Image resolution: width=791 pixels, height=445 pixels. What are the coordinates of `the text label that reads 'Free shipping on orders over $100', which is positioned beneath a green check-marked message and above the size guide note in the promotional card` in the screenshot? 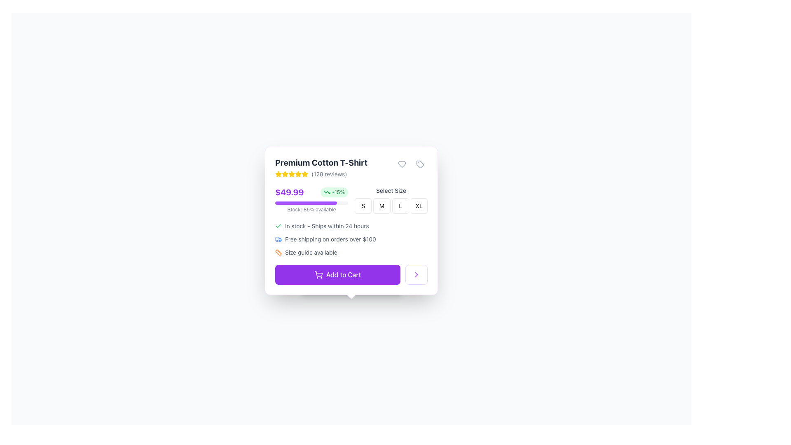 It's located at (330, 239).